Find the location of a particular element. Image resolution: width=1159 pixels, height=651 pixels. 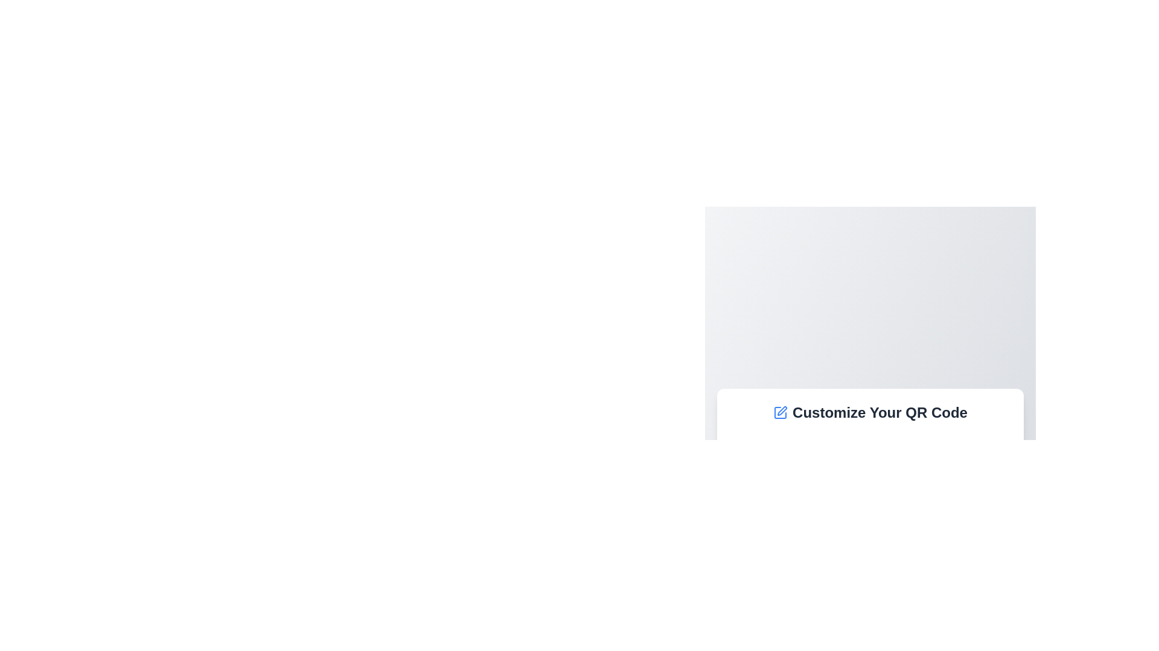

the Text Display with Icon that reads 'Customize Your QR Code', which has a small blue pen icon on its left side is located at coordinates (870, 412).